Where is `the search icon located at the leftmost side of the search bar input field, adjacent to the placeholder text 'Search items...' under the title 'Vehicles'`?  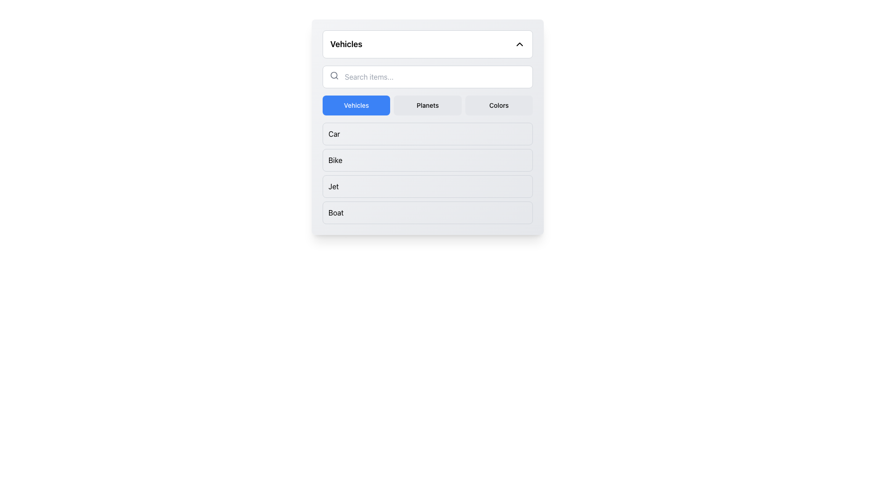 the search icon located at the leftmost side of the search bar input field, adjacent to the placeholder text 'Search items...' under the title 'Vehicles' is located at coordinates (334, 75).